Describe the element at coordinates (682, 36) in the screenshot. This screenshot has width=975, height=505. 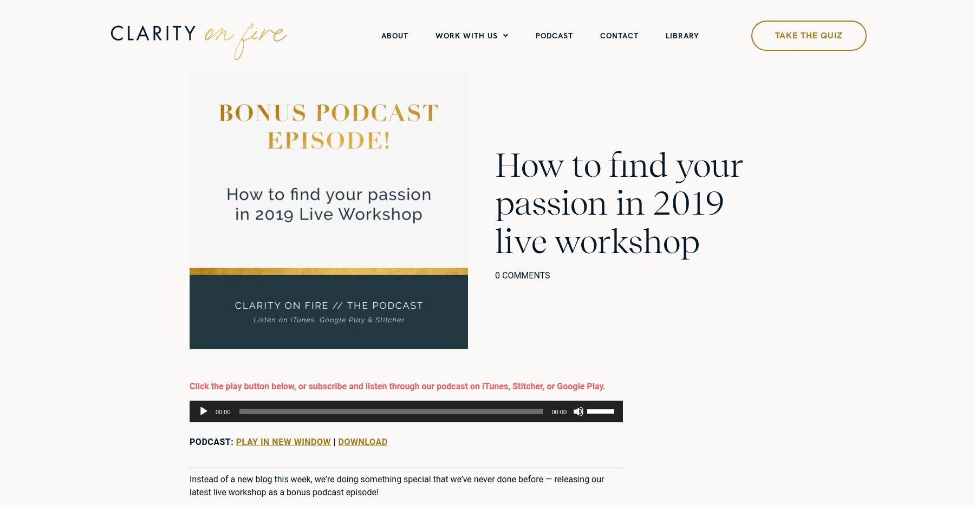
I see `'Library'` at that location.